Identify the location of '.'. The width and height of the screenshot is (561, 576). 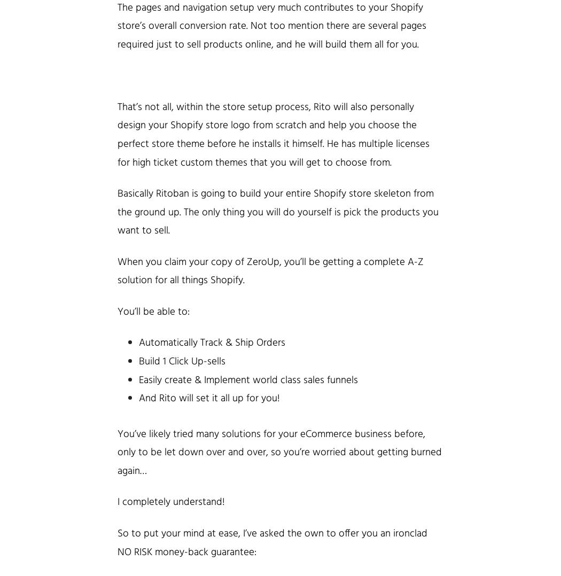
(244, 280).